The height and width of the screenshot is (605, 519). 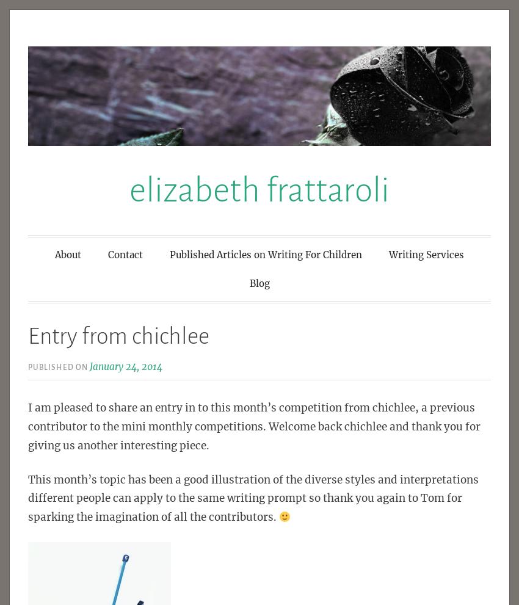 I want to click on 'elizabeth frattaroli', so click(x=259, y=189).